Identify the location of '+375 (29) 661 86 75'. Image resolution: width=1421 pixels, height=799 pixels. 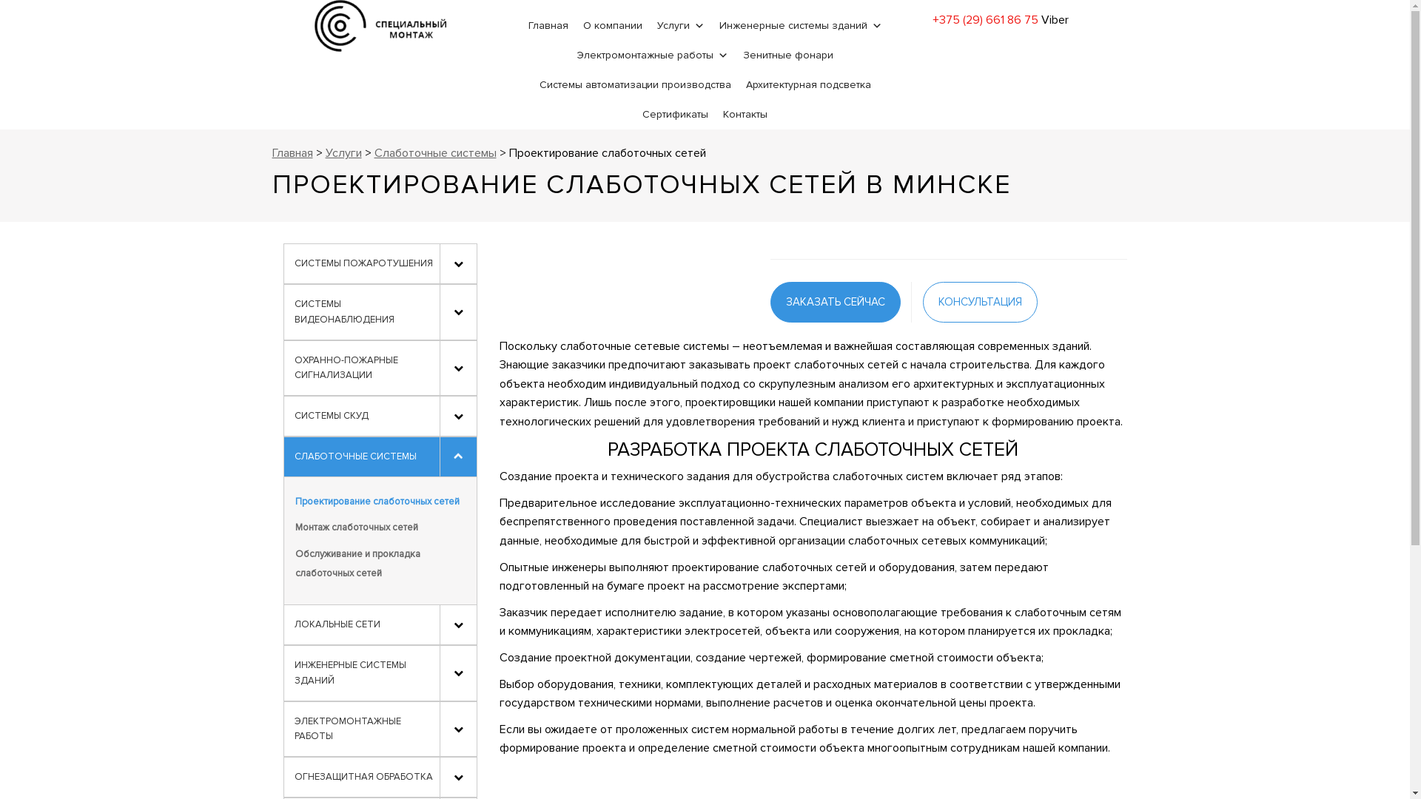
(985, 20).